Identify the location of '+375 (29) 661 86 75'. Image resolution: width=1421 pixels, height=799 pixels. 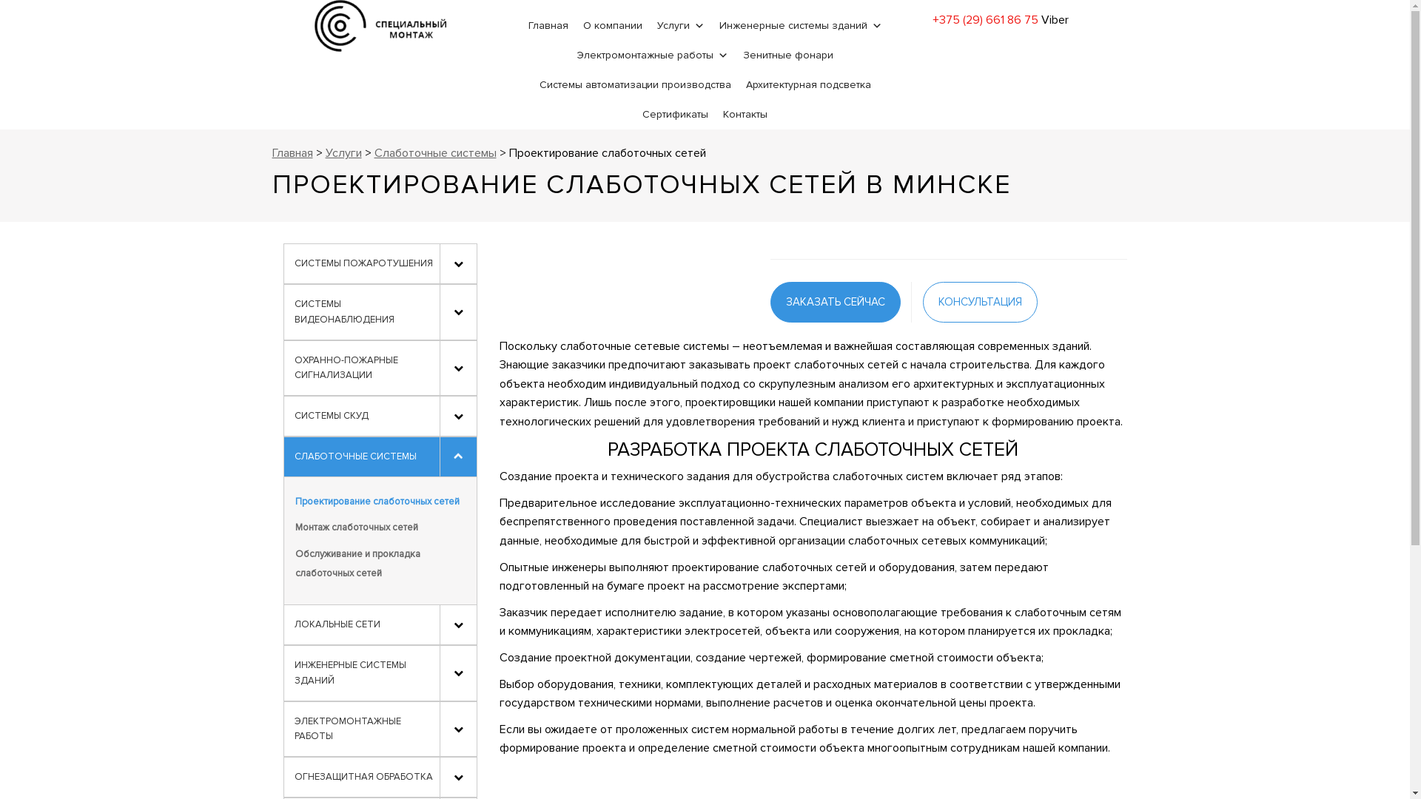
(985, 20).